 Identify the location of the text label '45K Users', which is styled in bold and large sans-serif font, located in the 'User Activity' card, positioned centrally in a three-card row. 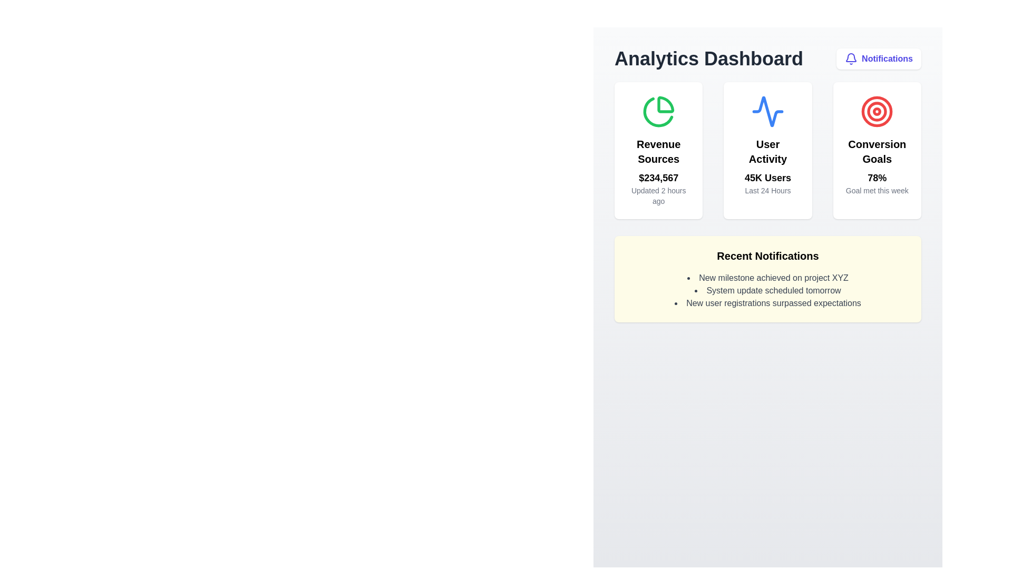
(767, 178).